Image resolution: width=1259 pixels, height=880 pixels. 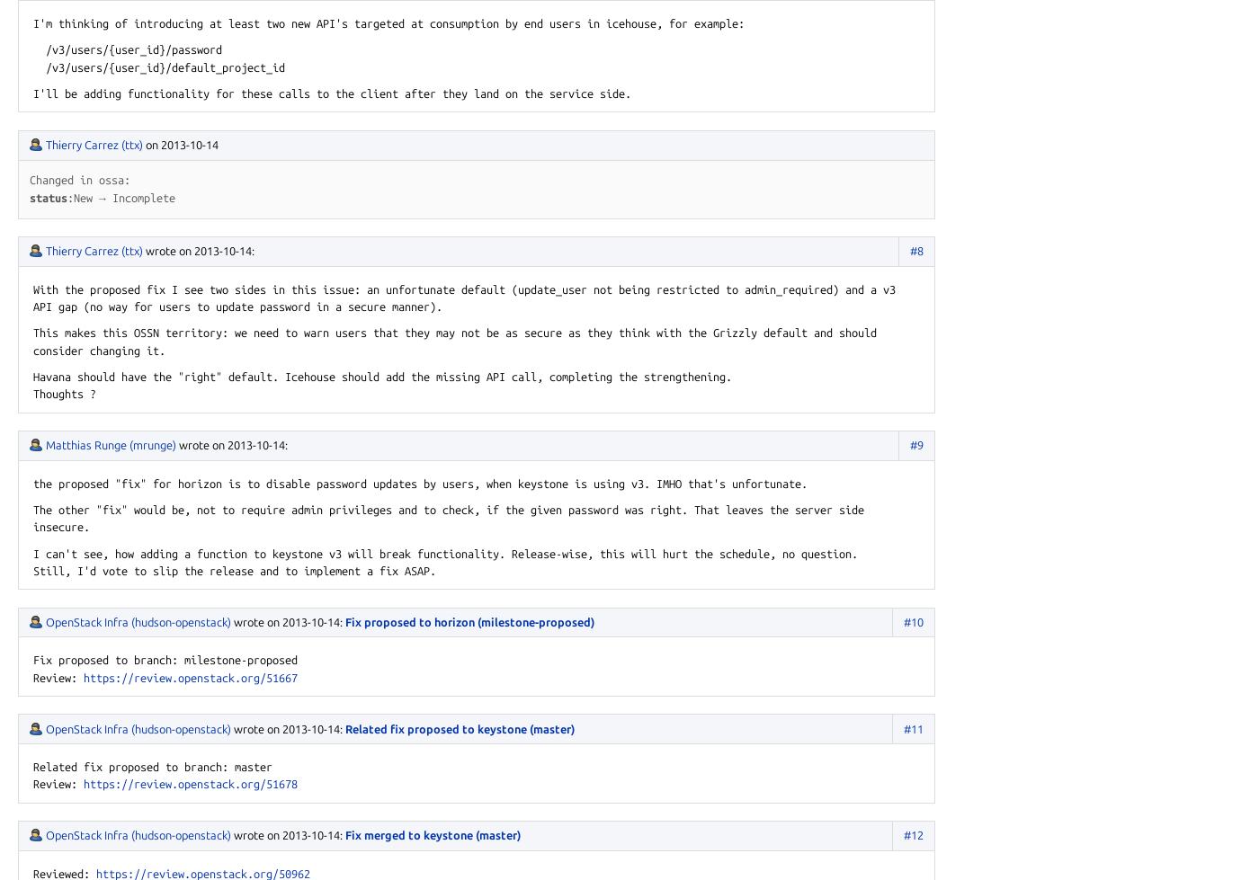 What do you see at coordinates (193, 49) in the screenshot?
I see `'/password'` at bounding box center [193, 49].